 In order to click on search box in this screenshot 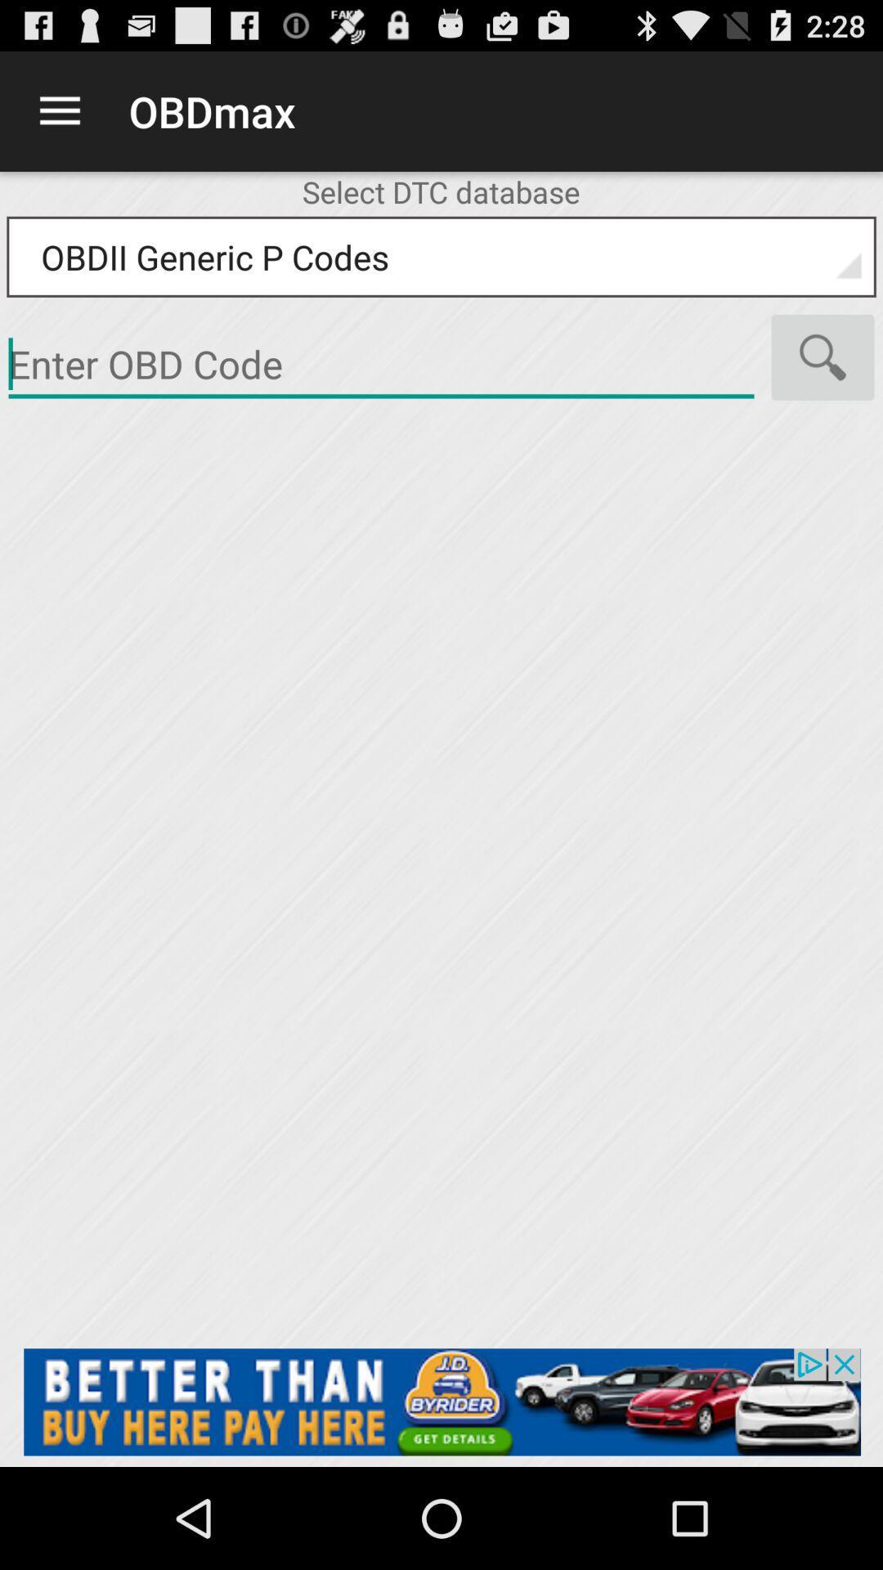, I will do `click(381, 364)`.